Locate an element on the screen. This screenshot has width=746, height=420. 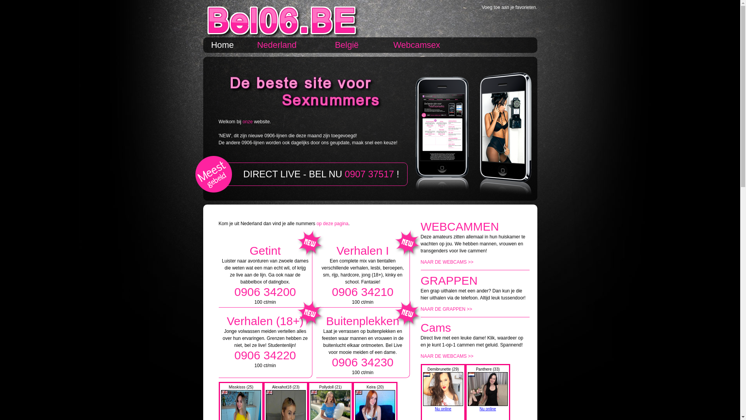
'Voeg toe aan je favorieten.' is located at coordinates (509, 7).